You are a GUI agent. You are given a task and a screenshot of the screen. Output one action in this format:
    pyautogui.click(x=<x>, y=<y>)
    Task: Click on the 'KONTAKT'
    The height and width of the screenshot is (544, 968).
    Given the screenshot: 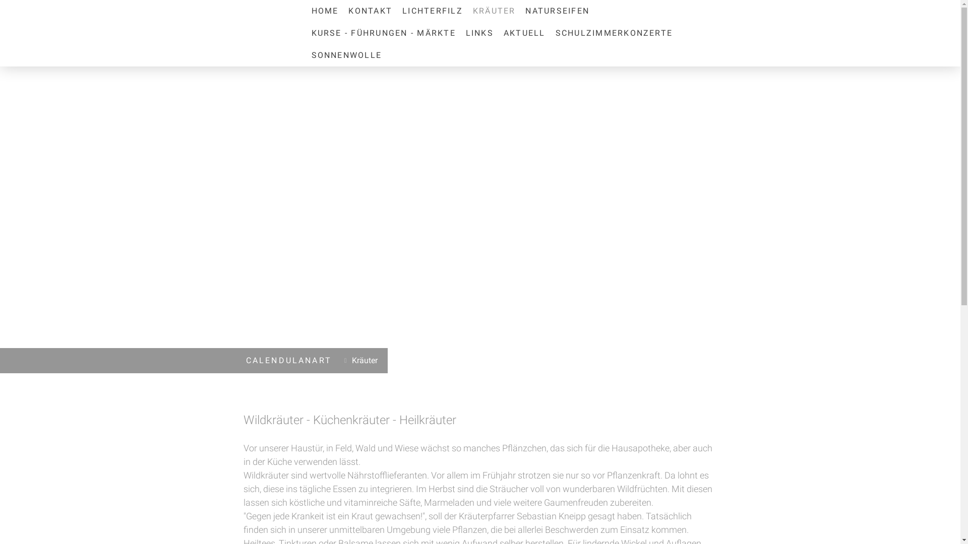 What is the action you would take?
    pyautogui.click(x=370, y=11)
    